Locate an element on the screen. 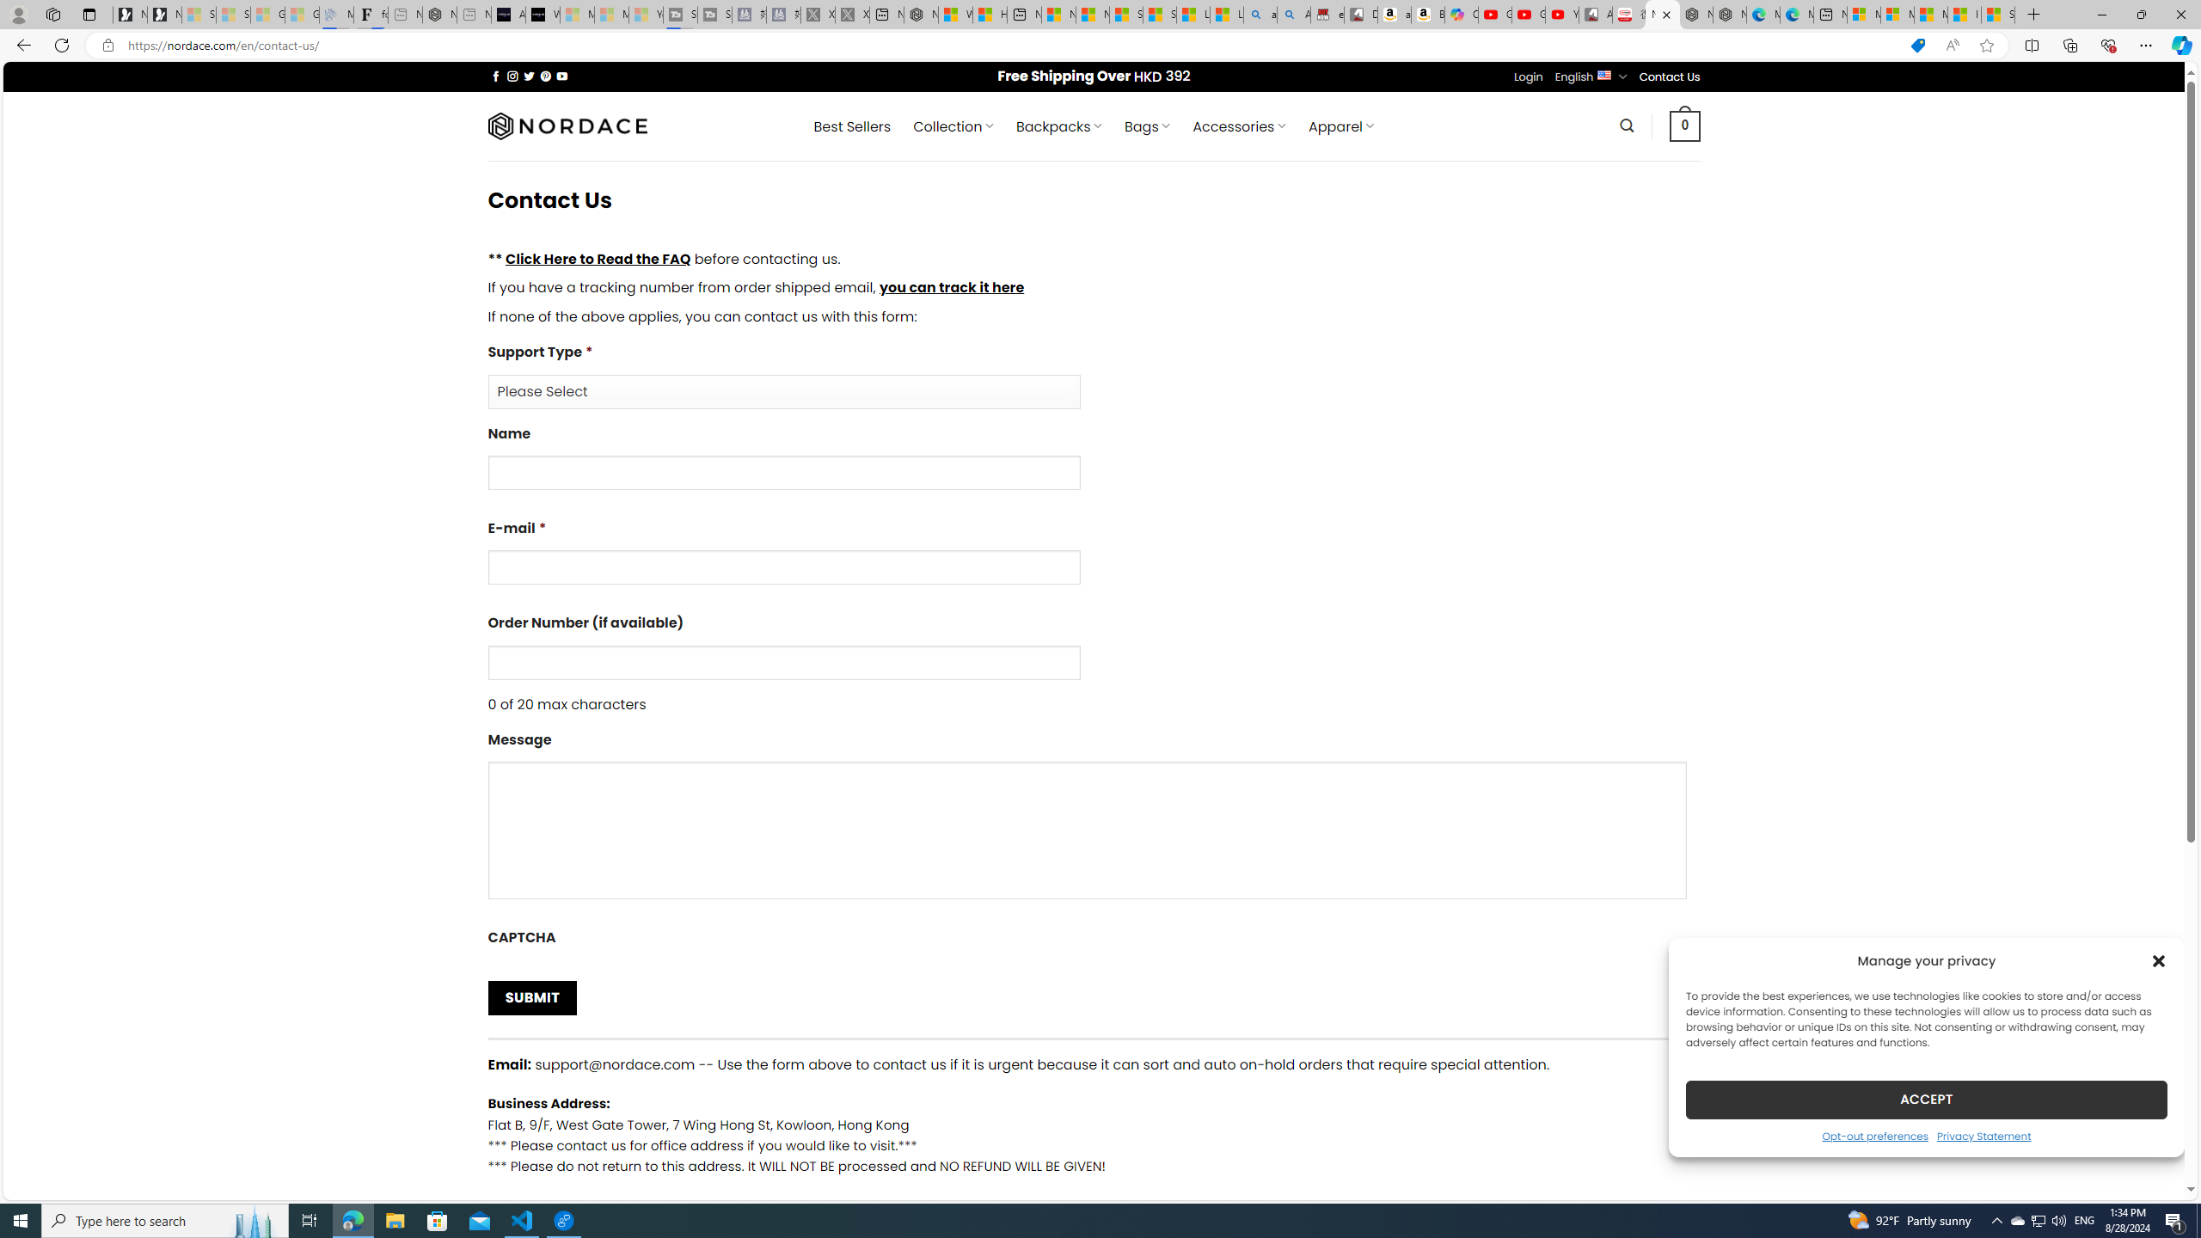 The image size is (2201, 1238). 'Gloom - YouTube' is located at coordinates (1528, 14).